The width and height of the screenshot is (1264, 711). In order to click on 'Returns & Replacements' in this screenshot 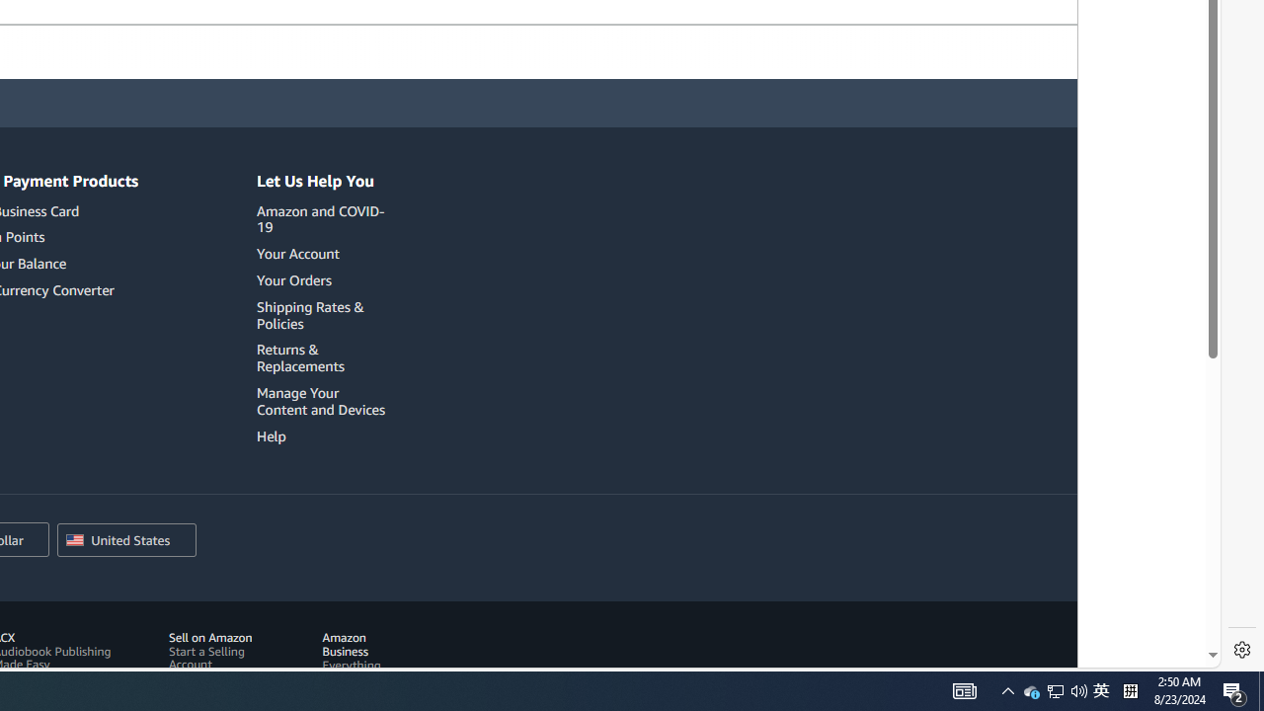, I will do `click(299, 357)`.